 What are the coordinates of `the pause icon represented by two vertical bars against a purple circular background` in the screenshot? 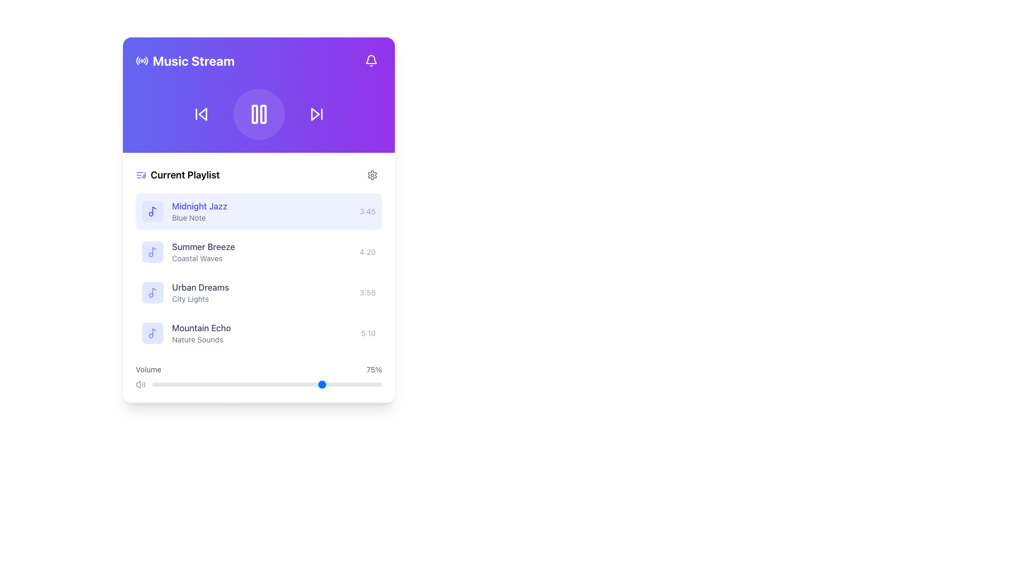 It's located at (259, 114).